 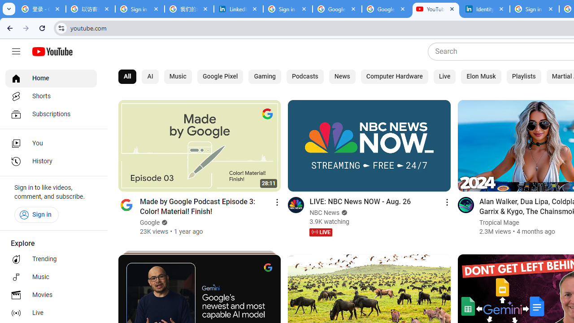 What do you see at coordinates (288, 9) in the screenshot?
I see `'Sign in - Google Accounts'` at bounding box center [288, 9].